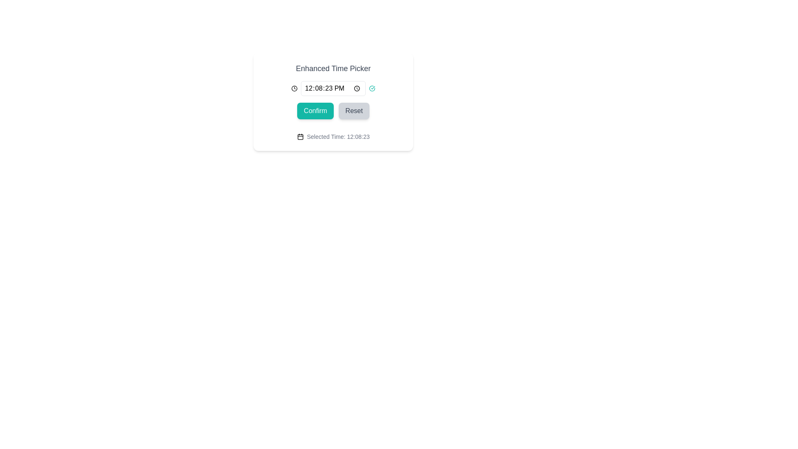 The image size is (798, 449). I want to click on the 'Confirm' button with a teal background and white text to confirm the action, so click(315, 110).